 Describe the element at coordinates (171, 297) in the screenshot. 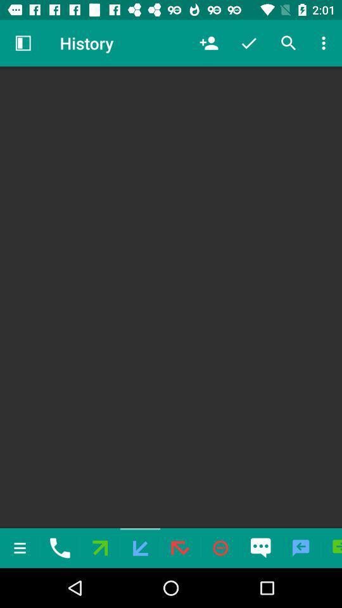

I see `the item at the center` at that location.